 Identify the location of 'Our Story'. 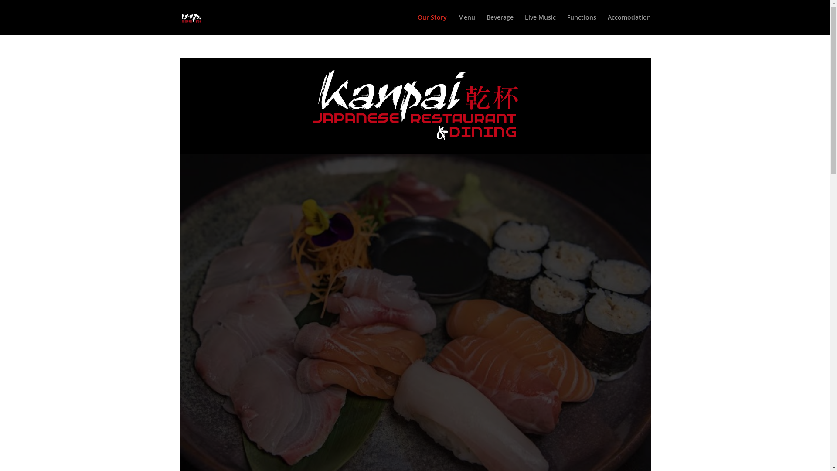
(417, 24).